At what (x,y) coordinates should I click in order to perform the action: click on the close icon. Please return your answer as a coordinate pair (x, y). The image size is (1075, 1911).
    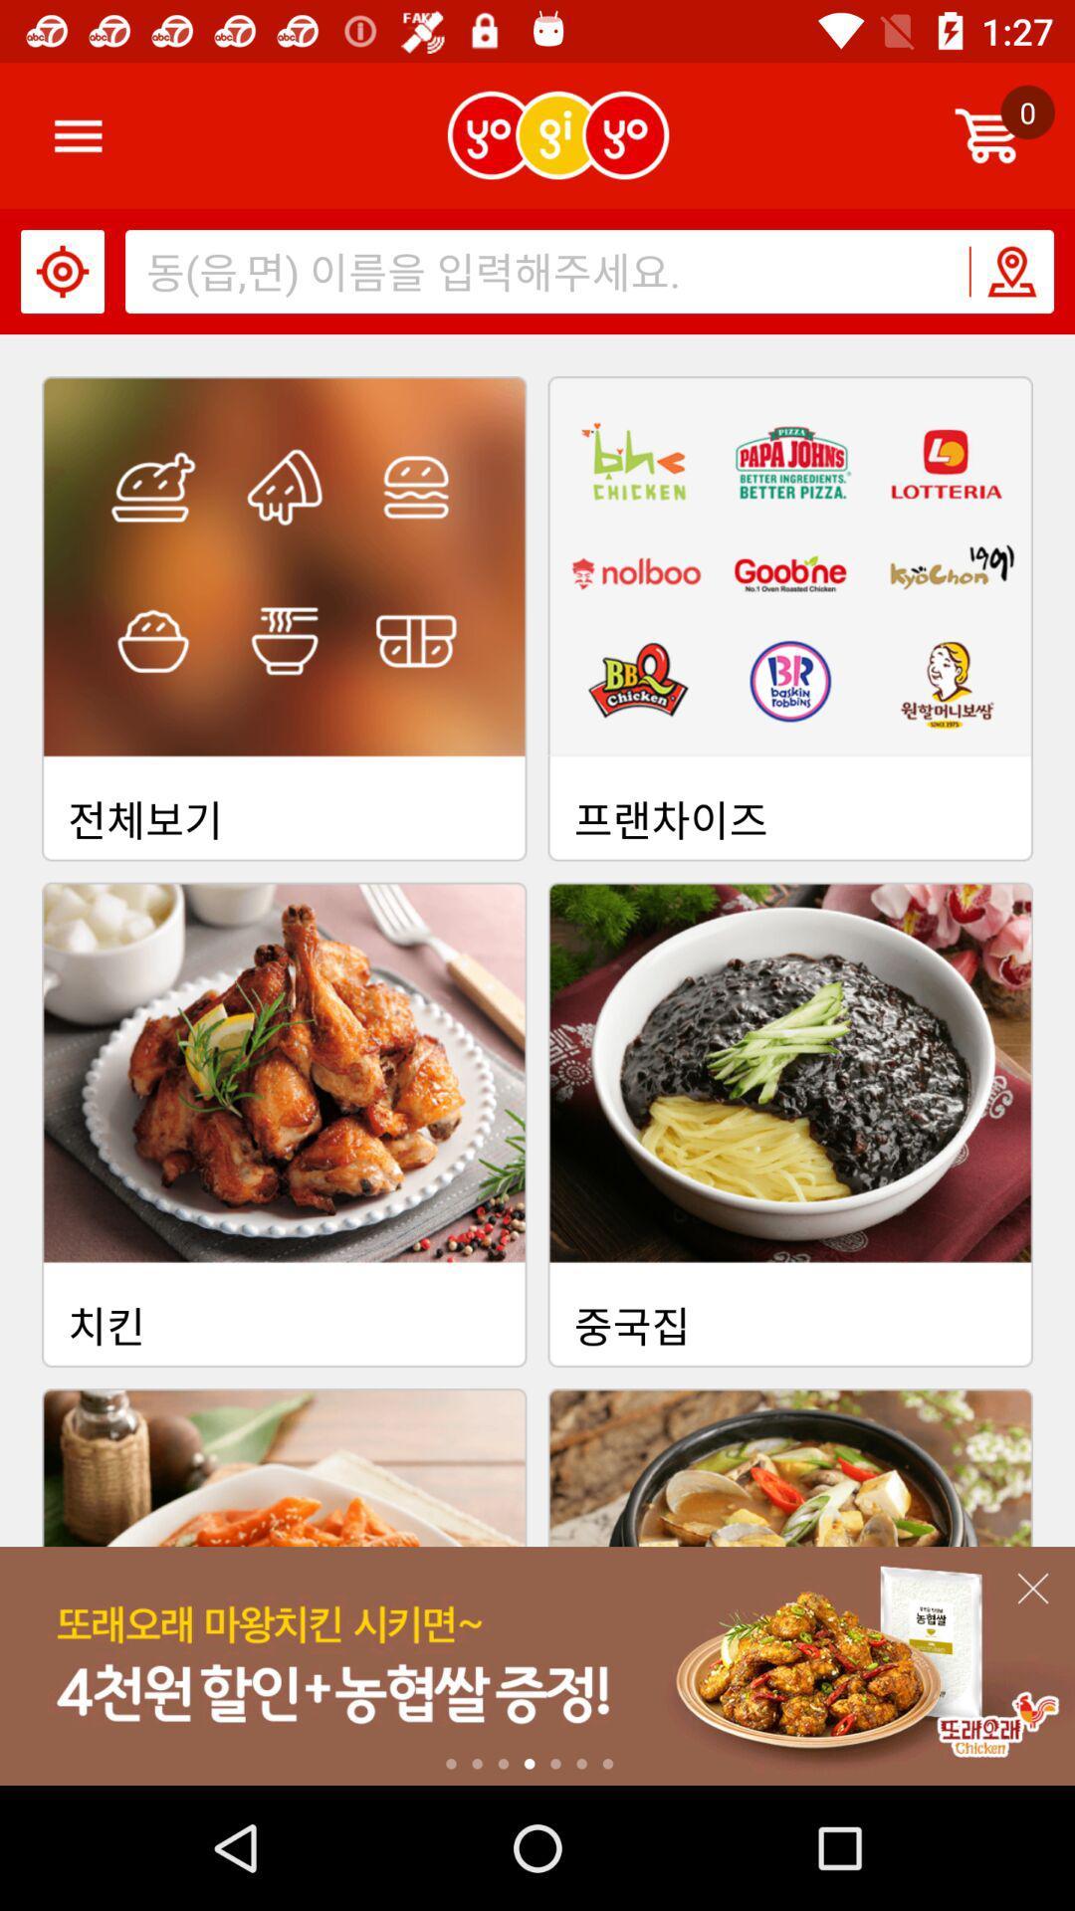
    Looking at the image, I should click on (1031, 1588).